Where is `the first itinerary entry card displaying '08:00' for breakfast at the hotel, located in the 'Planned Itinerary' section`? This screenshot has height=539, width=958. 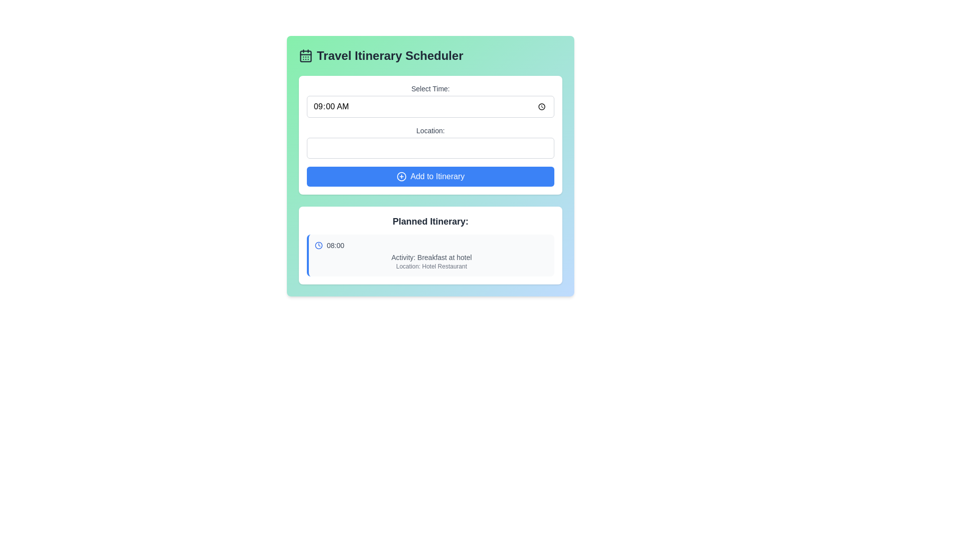 the first itinerary entry card displaying '08:00' for breakfast at the hotel, located in the 'Planned Itinerary' section is located at coordinates (431, 255).